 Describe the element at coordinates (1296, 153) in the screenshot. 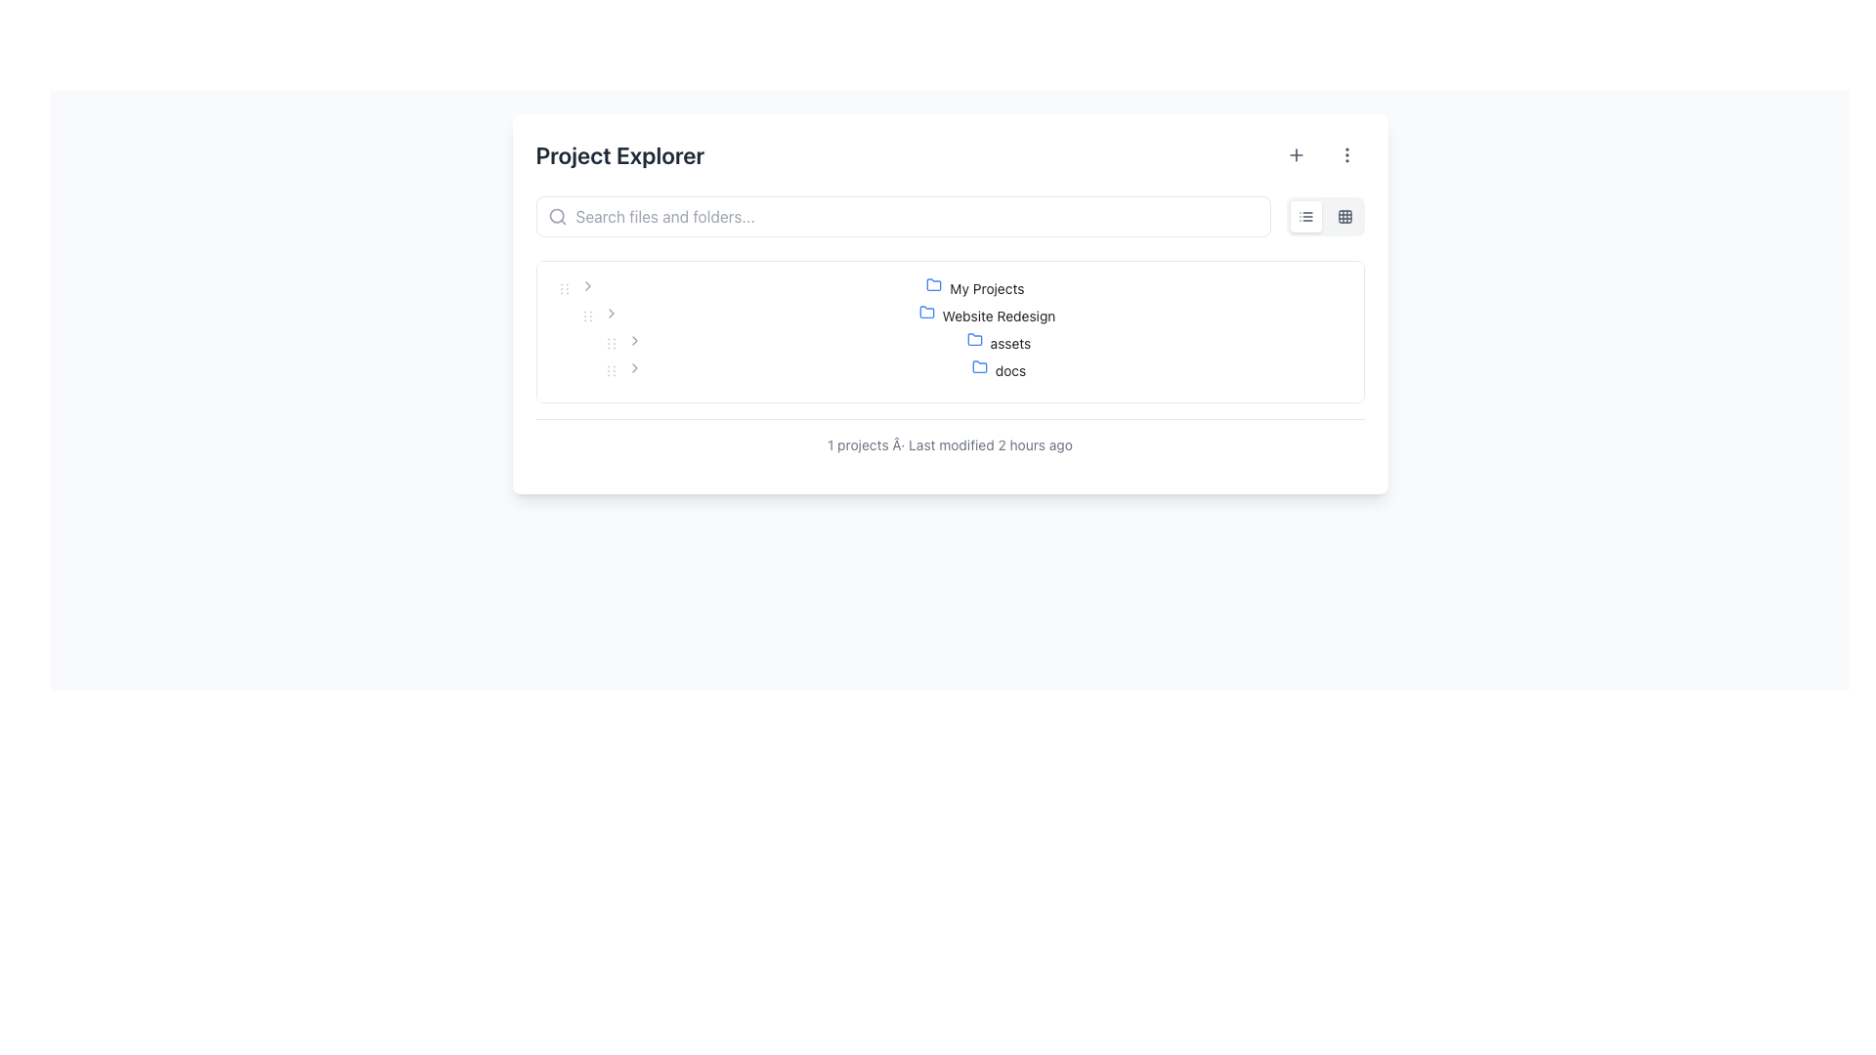

I see `the add new item button in the top-right of the 'Project Explorer' panel` at that location.